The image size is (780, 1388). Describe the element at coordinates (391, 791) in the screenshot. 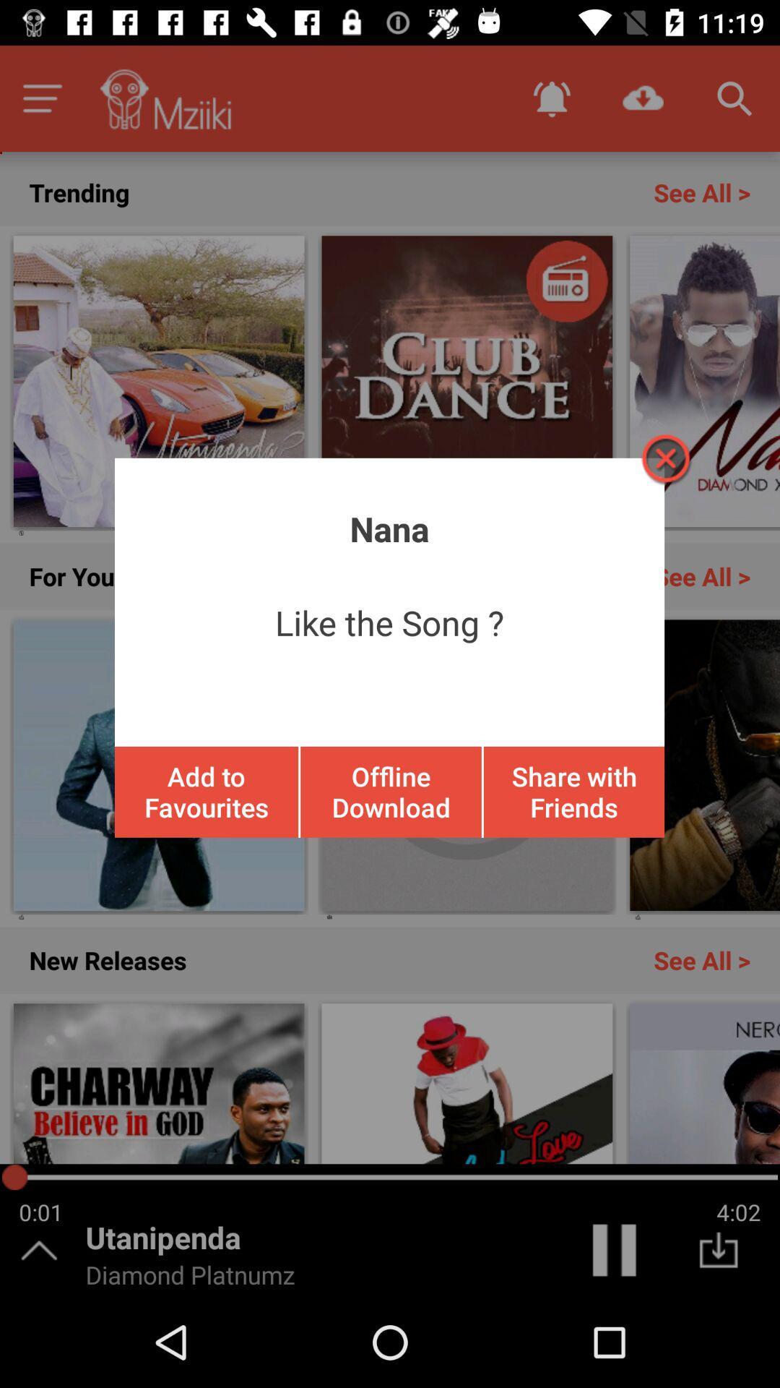

I see `the item next to add to favourites` at that location.